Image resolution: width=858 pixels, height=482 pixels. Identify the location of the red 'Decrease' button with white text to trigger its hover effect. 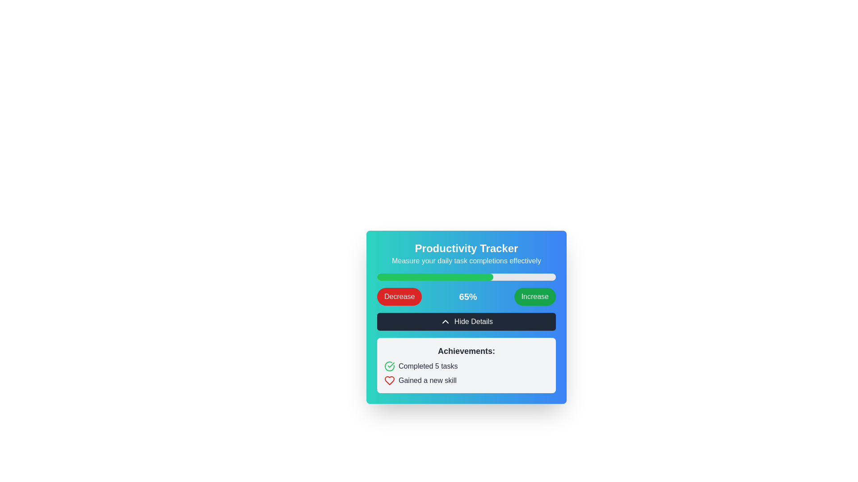
(399, 296).